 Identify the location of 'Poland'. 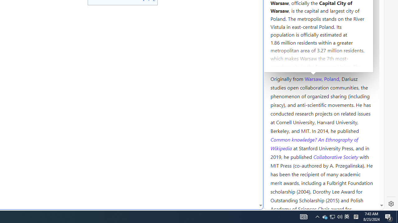
(331, 78).